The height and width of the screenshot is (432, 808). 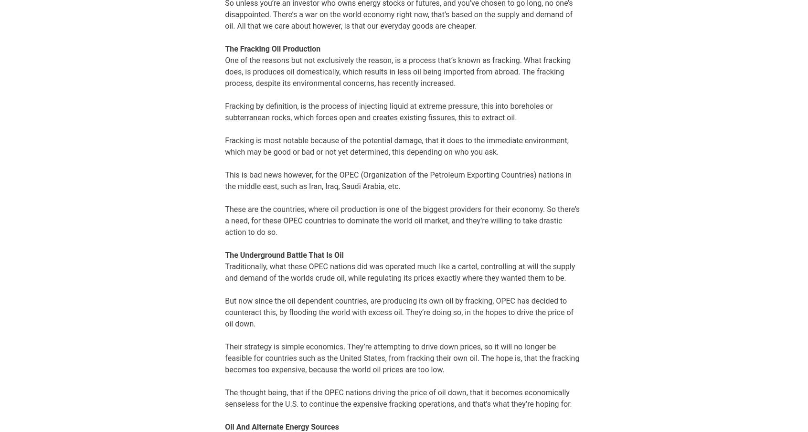 I want to click on 'These are the countries, where oil production is one of the biggest providers for their economy. So there’s a need, for these OPEC countries to dominate the world oil market, and they’re willing to take drastic action to do so.', so click(x=402, y=220).